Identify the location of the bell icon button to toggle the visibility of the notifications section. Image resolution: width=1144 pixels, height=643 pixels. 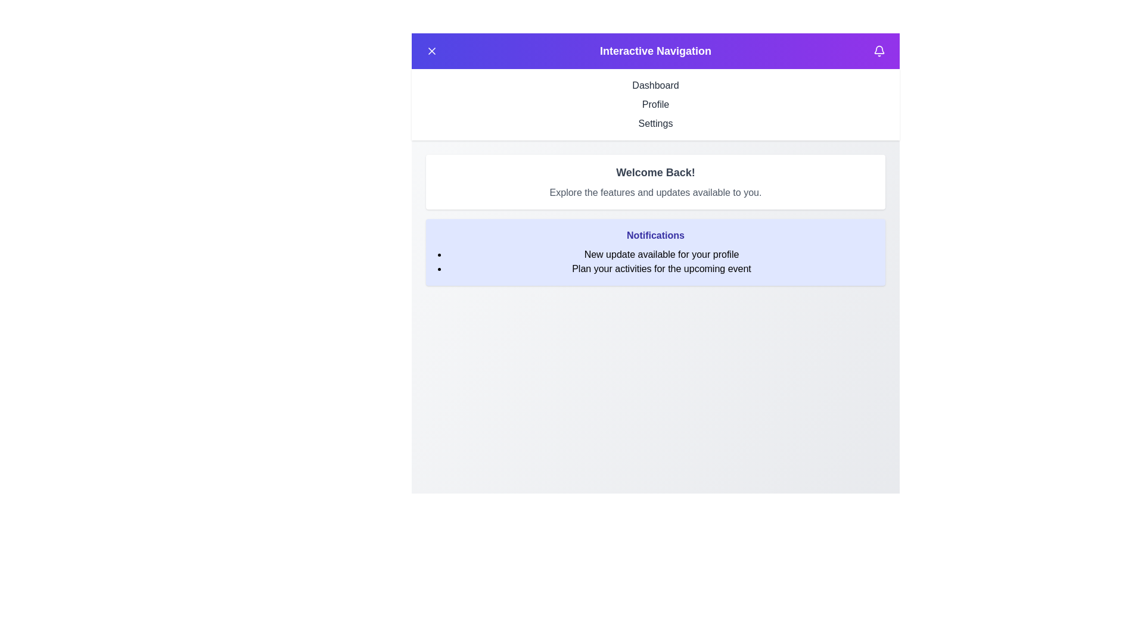
(879, 50).